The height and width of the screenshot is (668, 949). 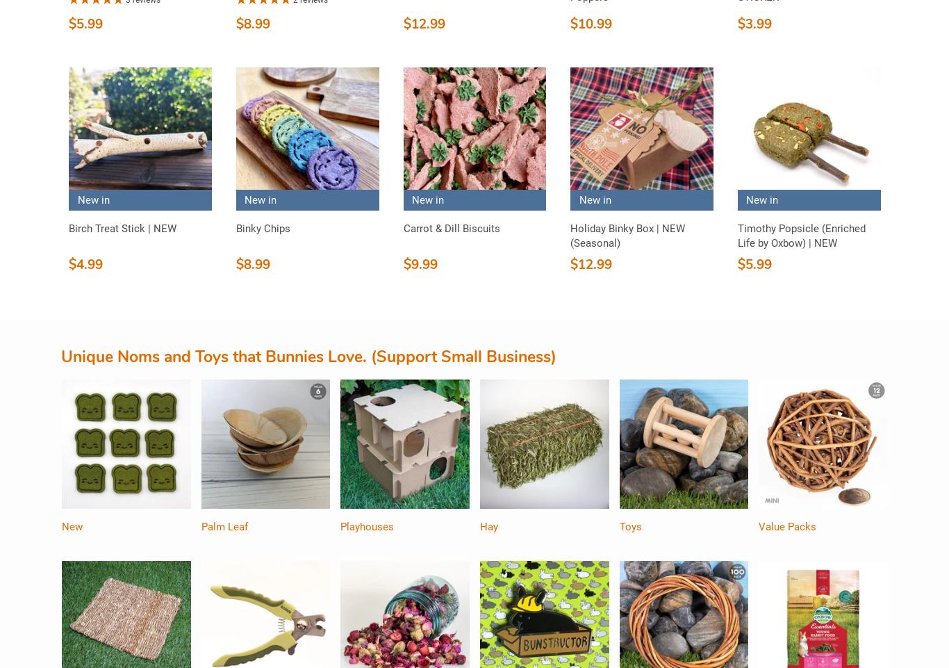 I want to click on 'Toys', so click(x=618, y=526).